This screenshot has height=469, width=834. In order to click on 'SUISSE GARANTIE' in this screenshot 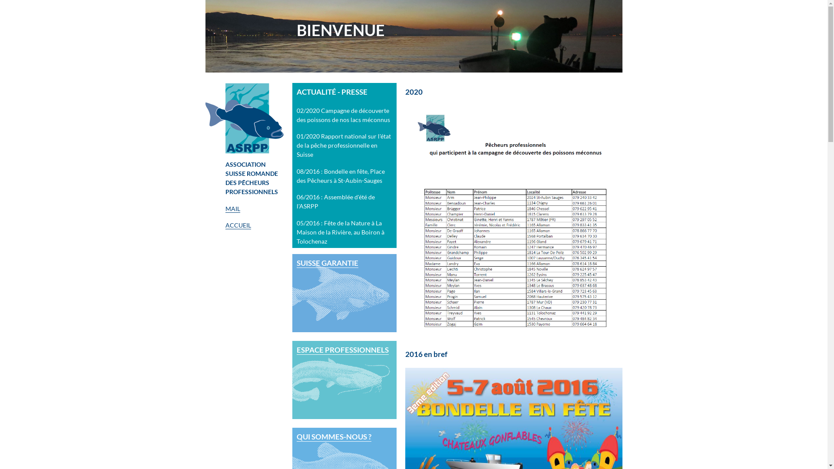, I will do `click(344, 293)`.